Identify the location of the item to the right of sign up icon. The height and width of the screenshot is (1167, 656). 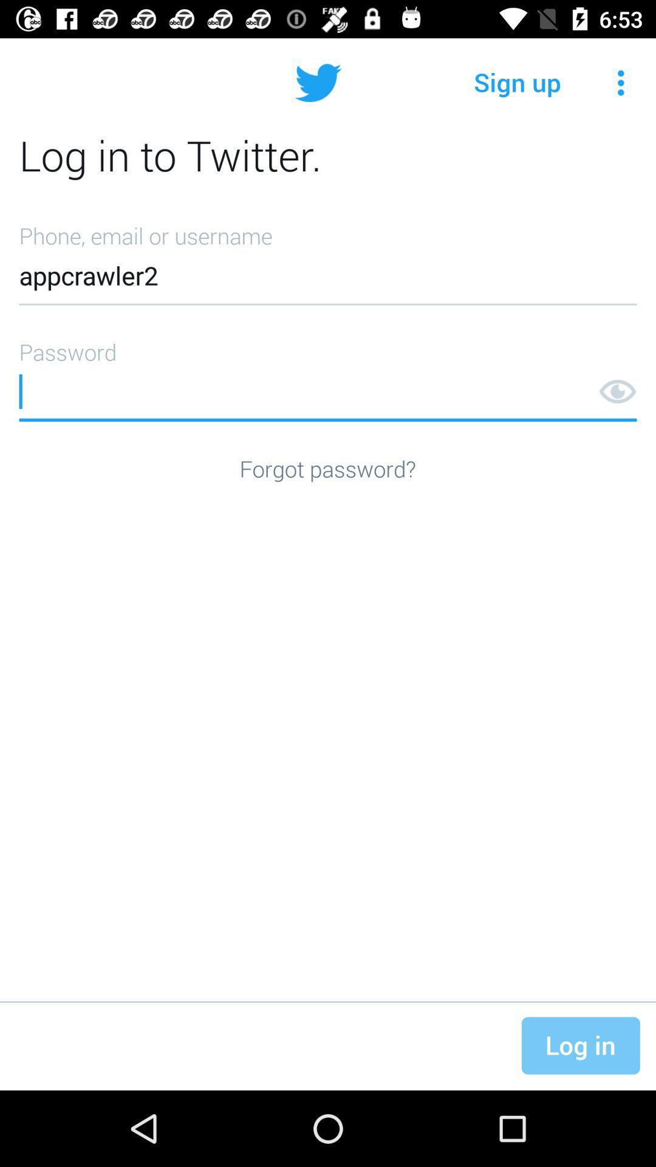
(621, 82).